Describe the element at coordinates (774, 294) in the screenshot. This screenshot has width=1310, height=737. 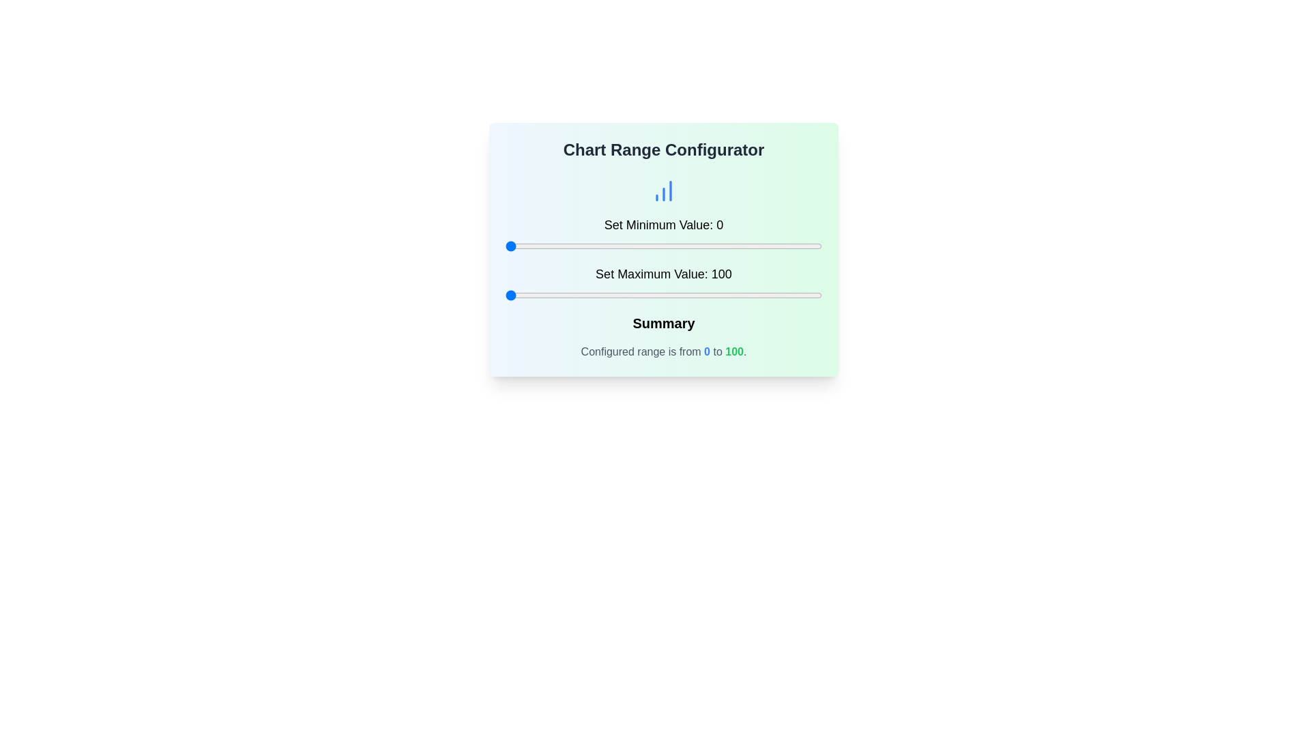
I see `the maximum value slider to set the value to 185` at that location.